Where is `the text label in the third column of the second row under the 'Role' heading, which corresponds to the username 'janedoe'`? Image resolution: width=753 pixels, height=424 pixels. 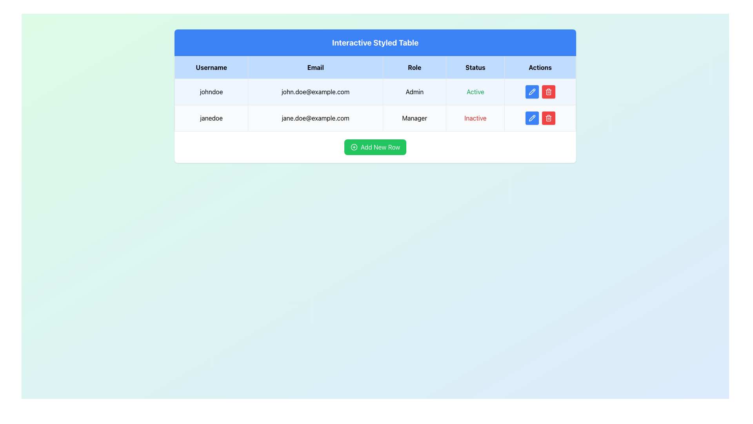 the text label in the third column of the second row under the 'Role' heading, which corresponds to the username 'janedoe' is located at coordinates (414, 118).